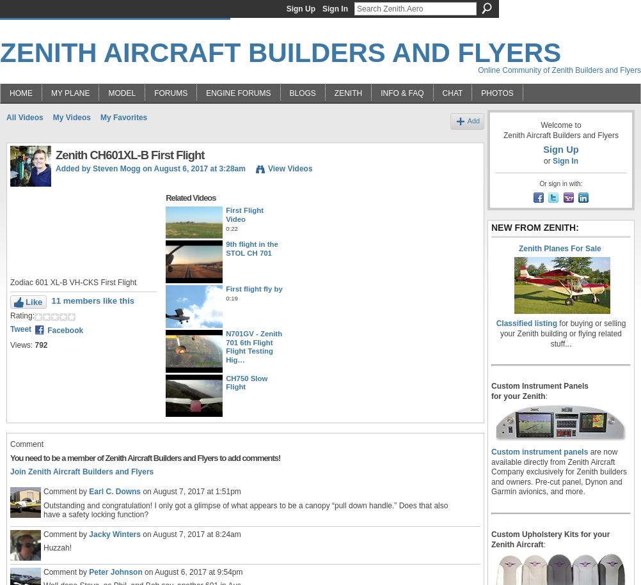 The height and width of the screenshot is (585, 641). Describe the element at coordinates (401, 93) in the screenshot. I see `'Info & FAQ'` at that location.